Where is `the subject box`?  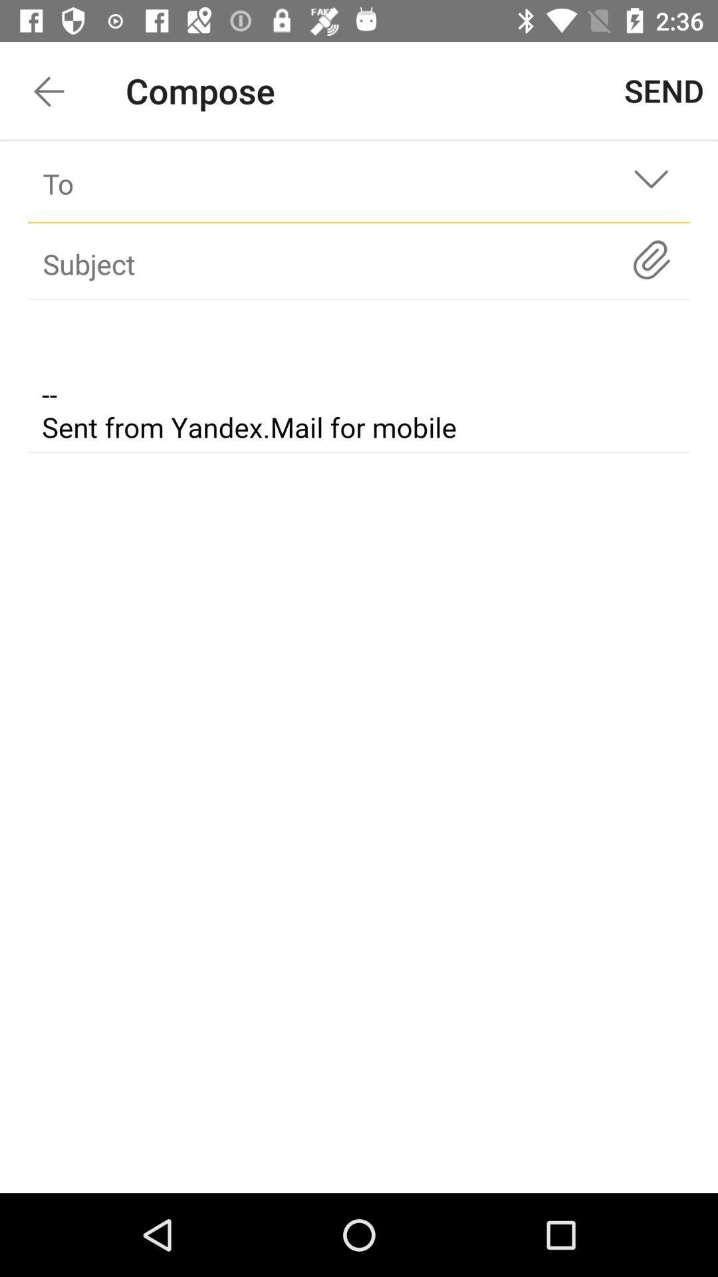 the subject box is located at coordinates (334, 263).